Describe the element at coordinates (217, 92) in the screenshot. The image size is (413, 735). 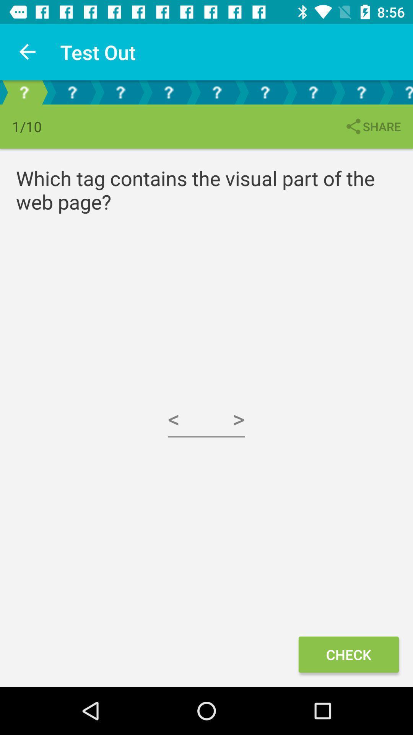
I see `move to the fifth question mark which is under the text test out` at that location.